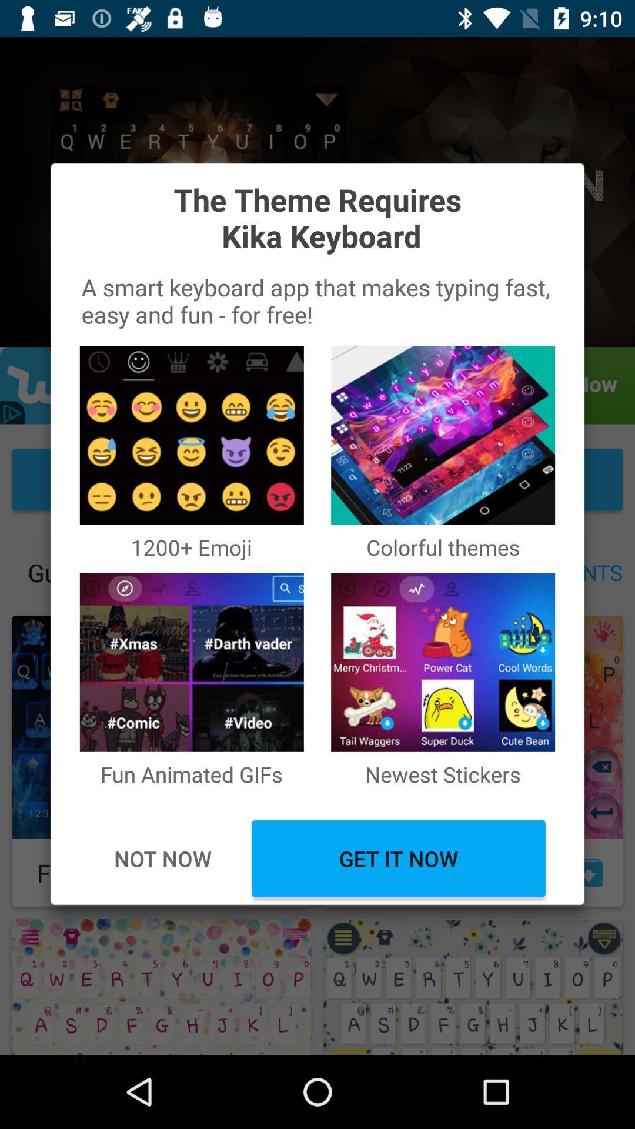 This screenshot has height=1129, width=635. Describe the element at coordinates (398, 859) in the screenshot. I see `get it now item` at that location.